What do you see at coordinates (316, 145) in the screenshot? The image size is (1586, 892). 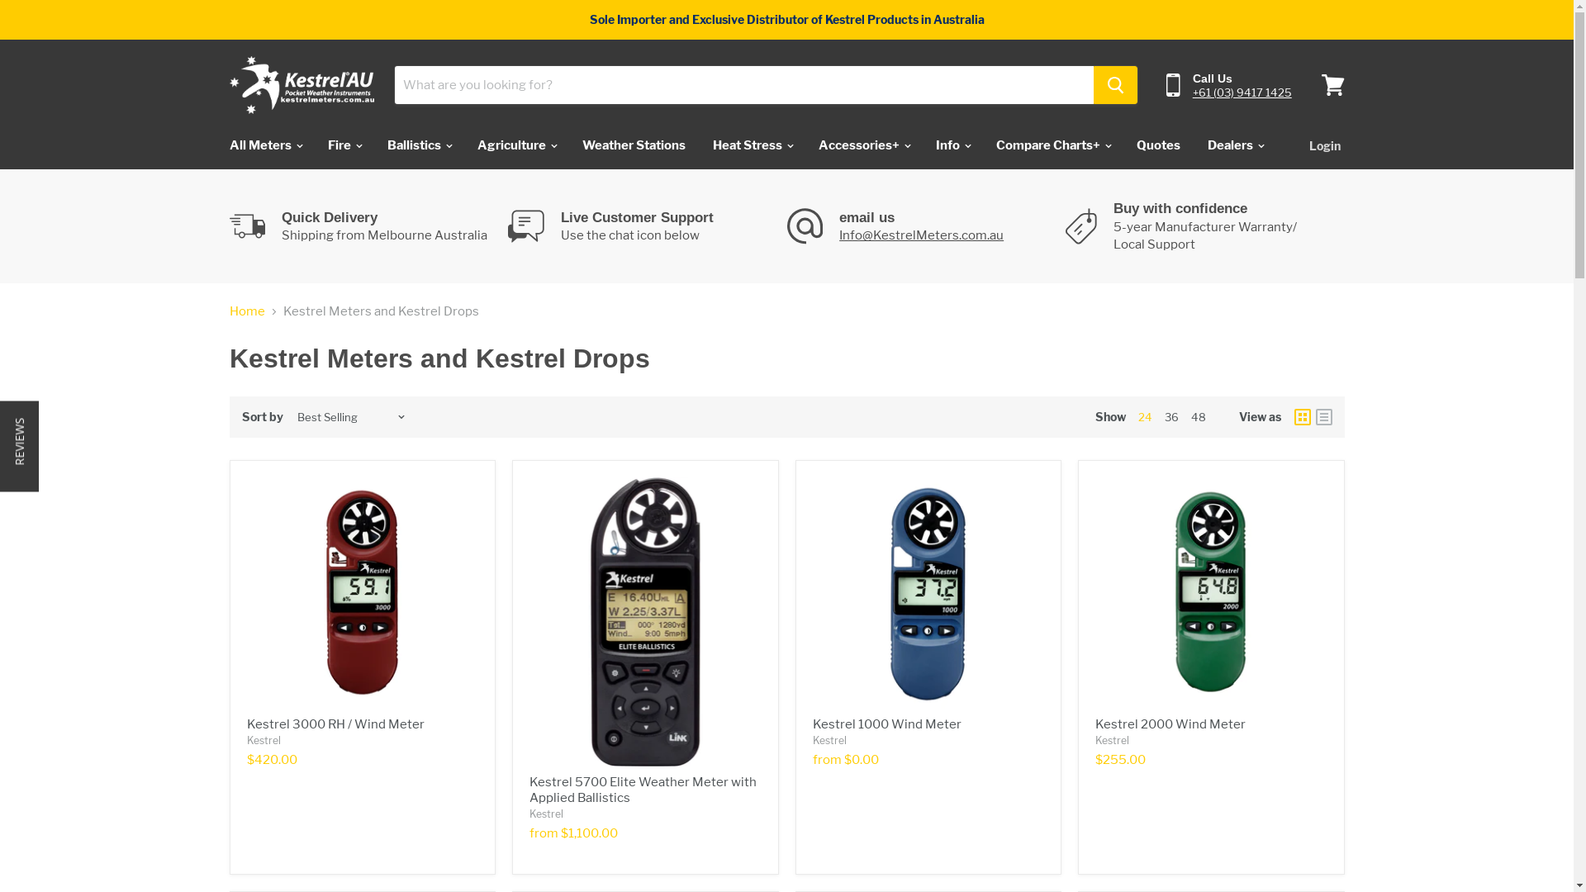 I see `'Fire'` at bounding box center [316, 145].